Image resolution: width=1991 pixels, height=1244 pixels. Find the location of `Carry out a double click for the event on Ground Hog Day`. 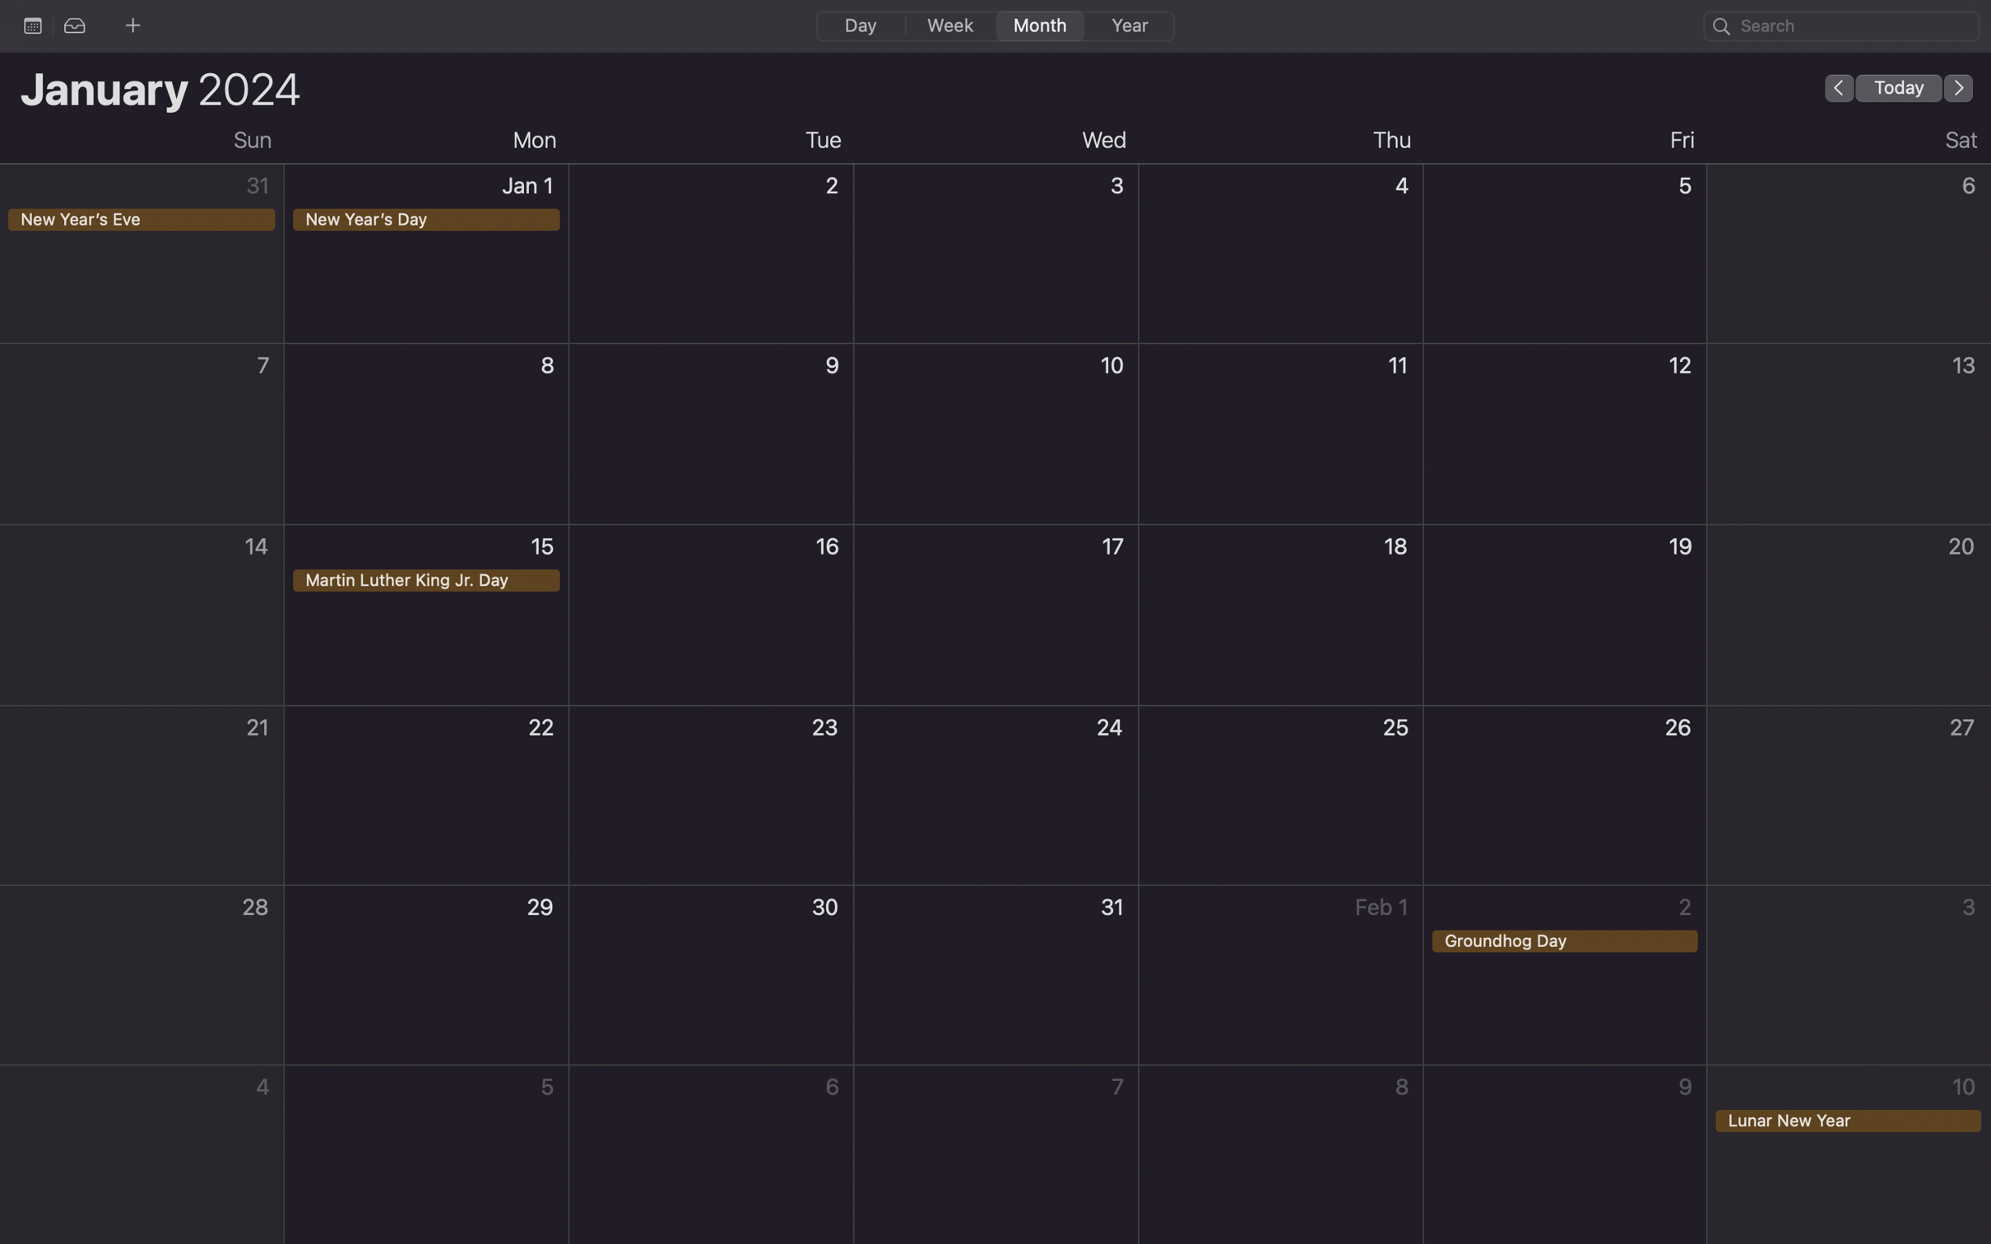

Carry out a double click for the event on Ground Hog Day is located at coordinates (1569, 977).